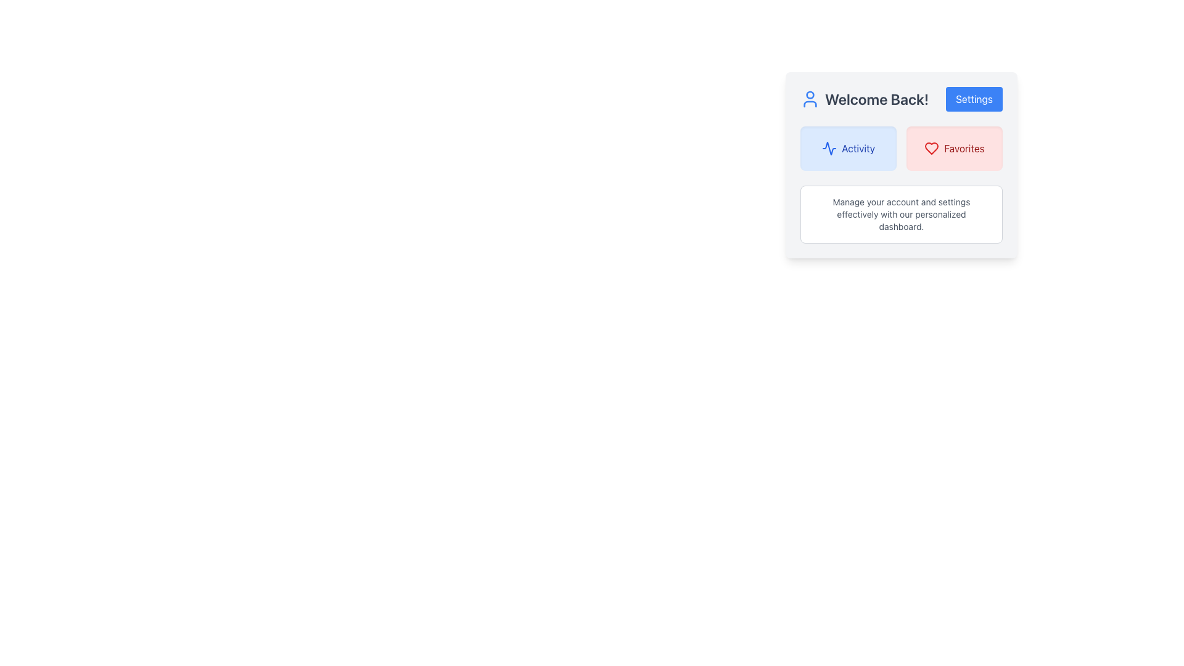  Describe the element at coordinates (973, 99) in the screenshot. I see `the settings button located at the top-right corner of the interface card` at that location.